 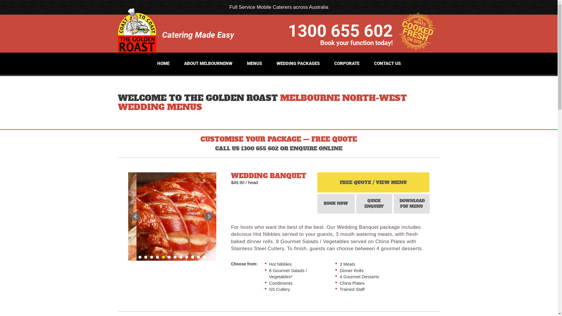 What do you see at coordinates (173, 257) in the screenshot?
I see `'7'` at bounding box center [173, 257].